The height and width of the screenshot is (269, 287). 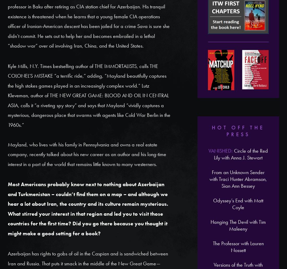 I want to click on 'To learn more about Dan, please visit his', so click(x=8, y=119).